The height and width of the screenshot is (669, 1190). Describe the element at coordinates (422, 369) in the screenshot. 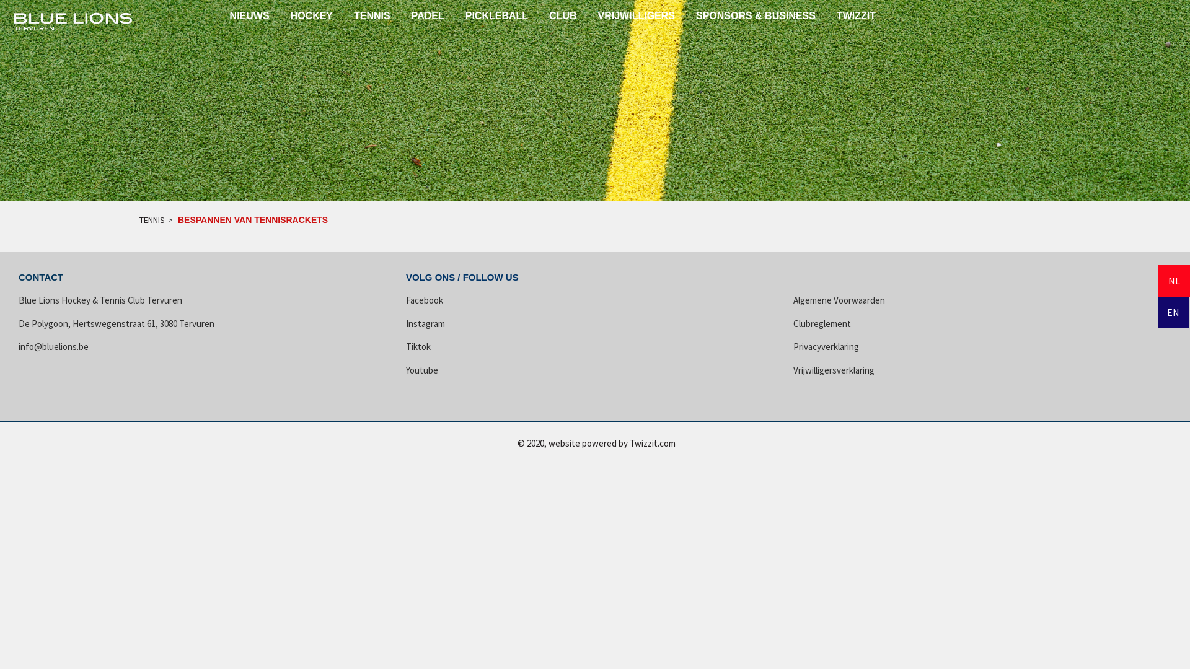

I see `'Youtube'` at that location.